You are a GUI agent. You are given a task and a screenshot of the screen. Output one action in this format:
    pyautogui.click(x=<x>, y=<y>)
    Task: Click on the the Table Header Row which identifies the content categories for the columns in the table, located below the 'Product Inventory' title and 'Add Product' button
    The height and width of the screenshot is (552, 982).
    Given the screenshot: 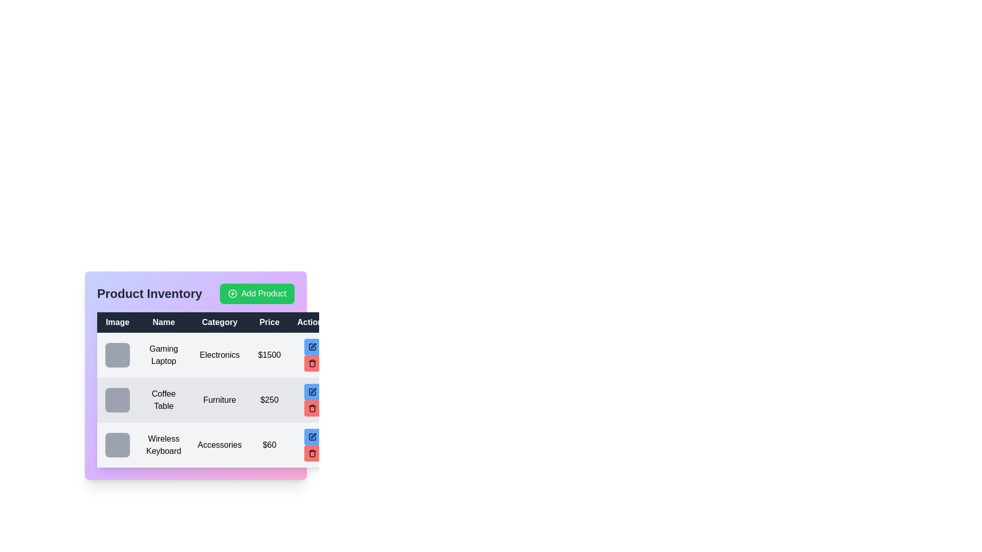 What is the action you would take?
    pyautogui.click(x=215, y=323)
    